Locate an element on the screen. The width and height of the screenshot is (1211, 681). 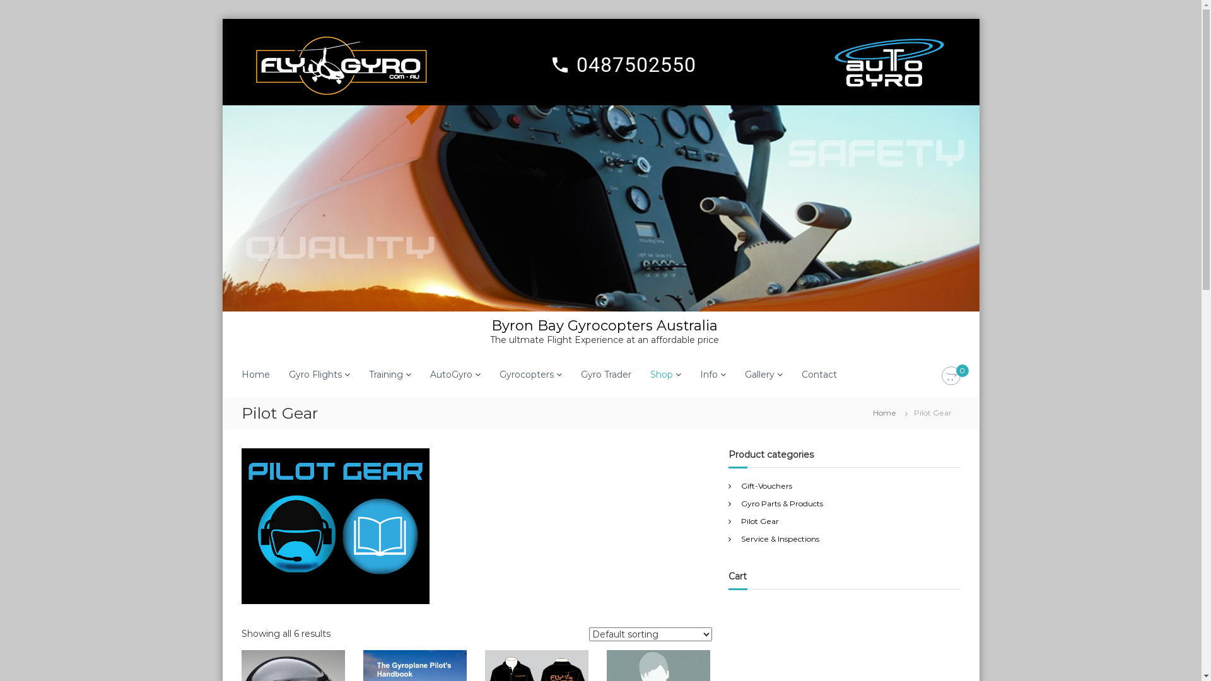
'Info' is located at coordinates (708, 374).